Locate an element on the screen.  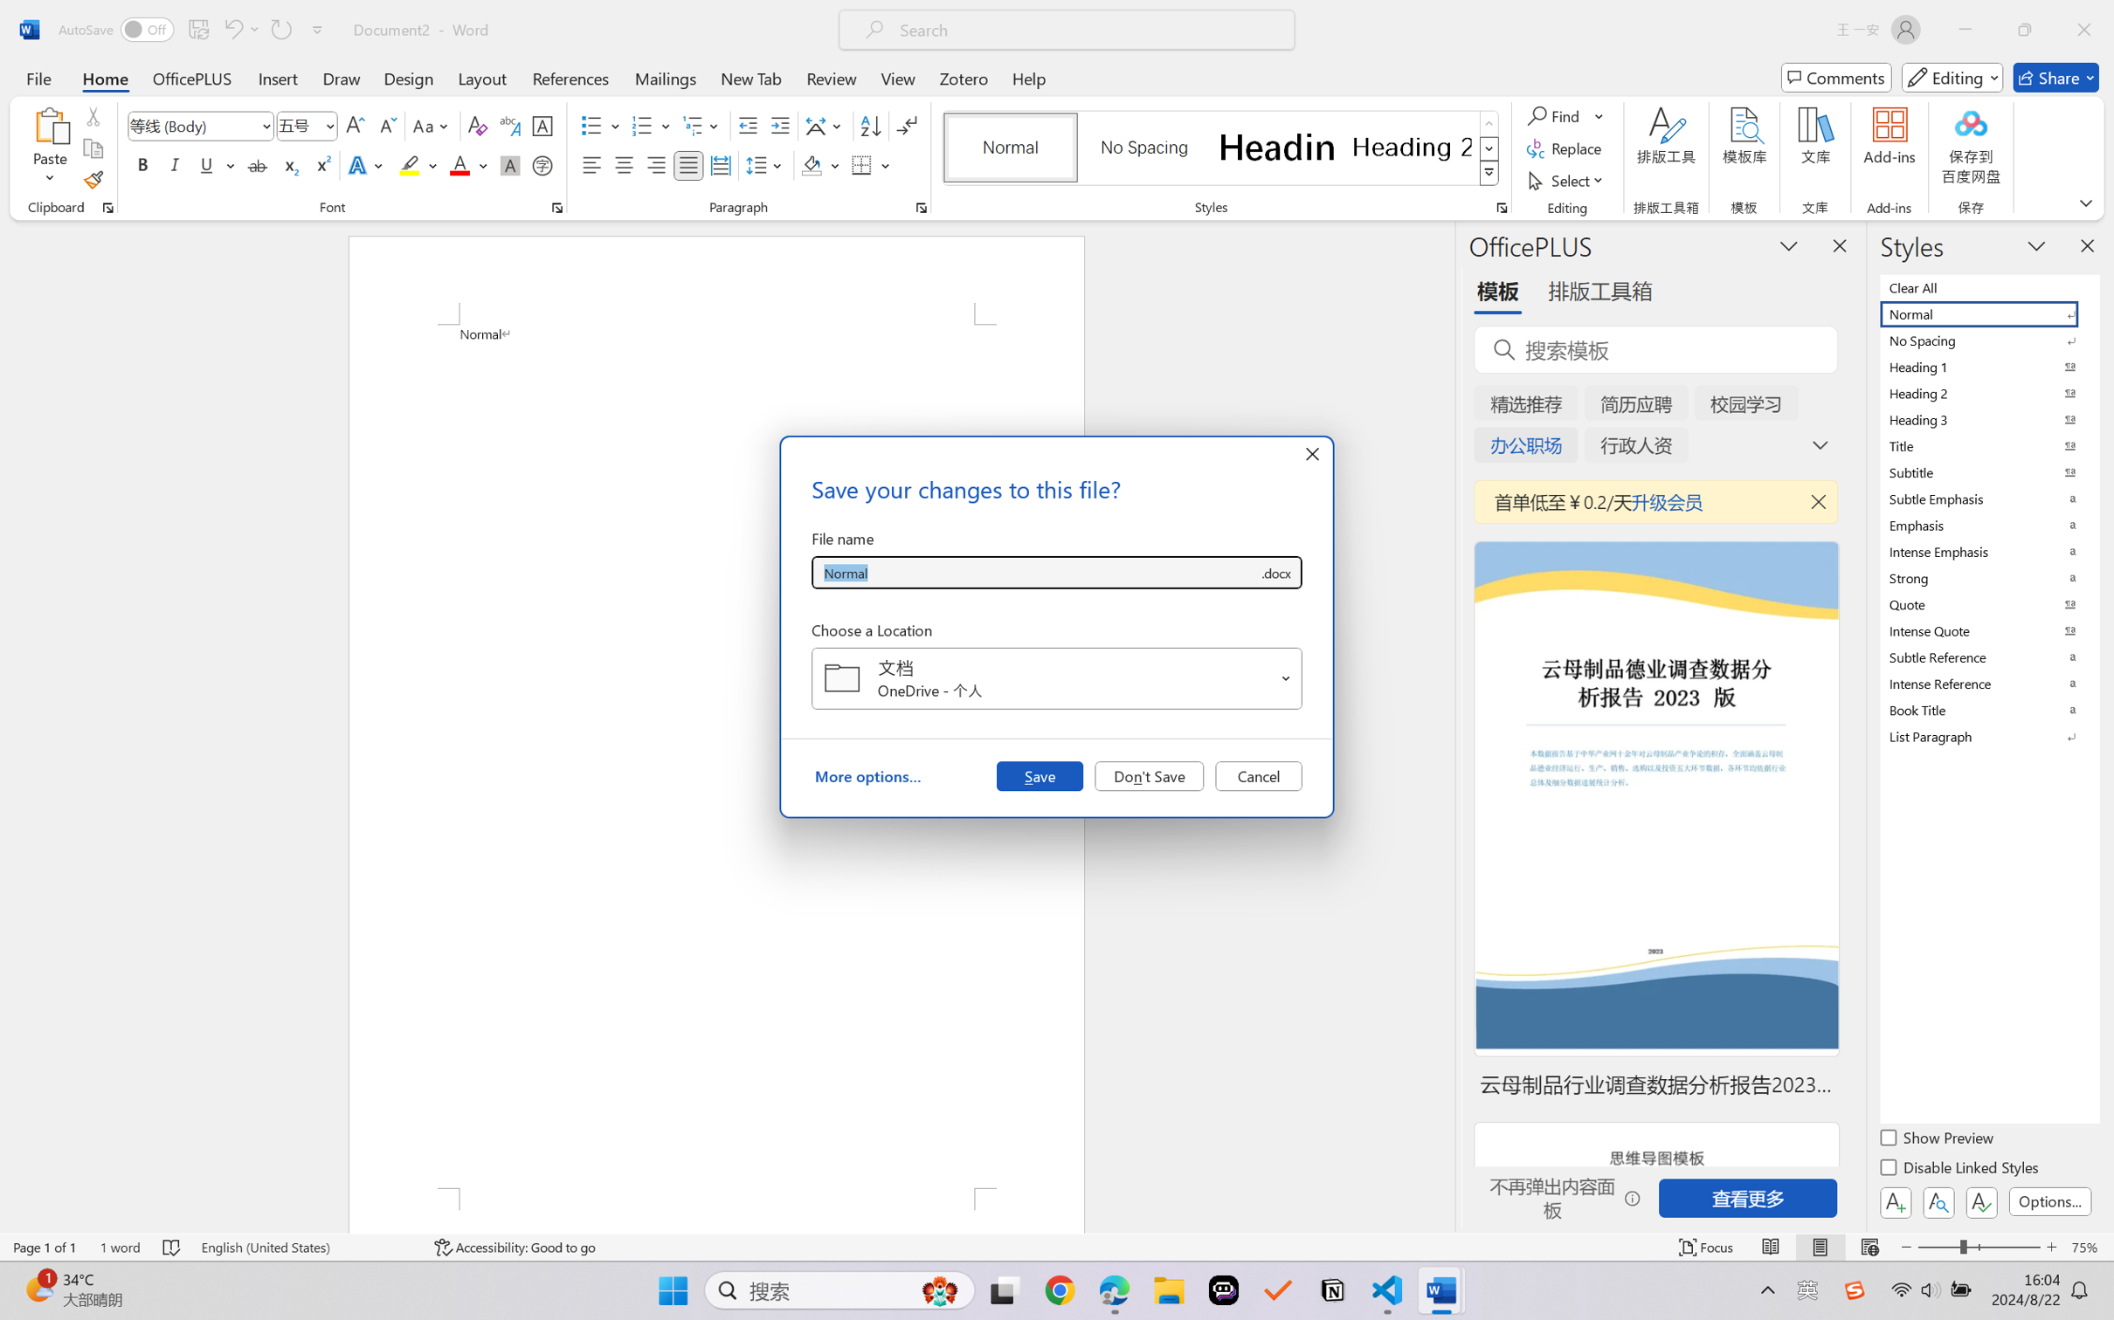
'Web Layout' is located at coordinates (1869, 1247).